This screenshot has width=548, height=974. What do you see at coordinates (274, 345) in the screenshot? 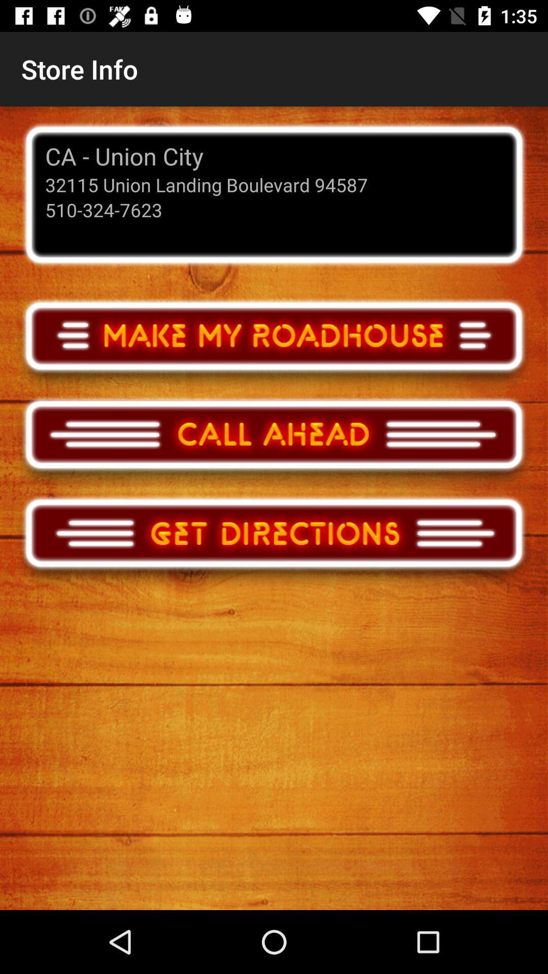
I see `make my roadhouse` at bounding box center [274, 345].